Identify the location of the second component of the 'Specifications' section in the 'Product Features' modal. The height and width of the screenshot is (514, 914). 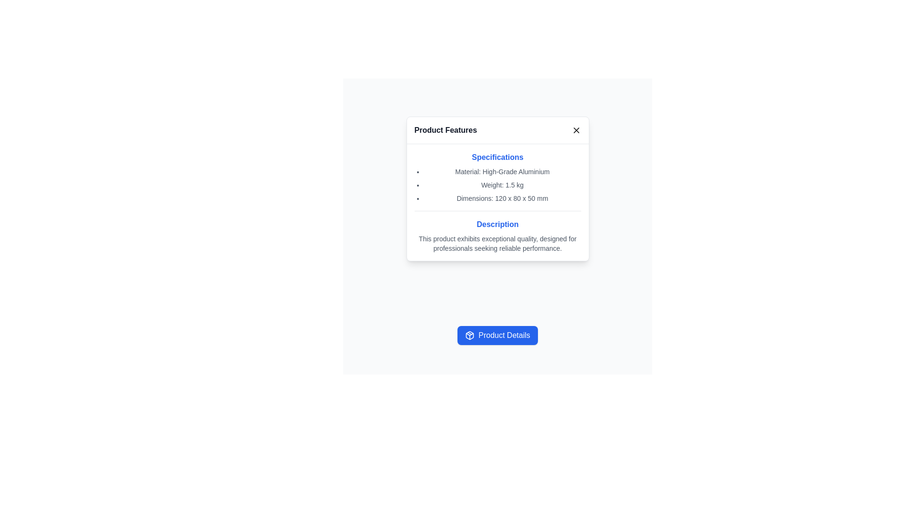
(497, 183).